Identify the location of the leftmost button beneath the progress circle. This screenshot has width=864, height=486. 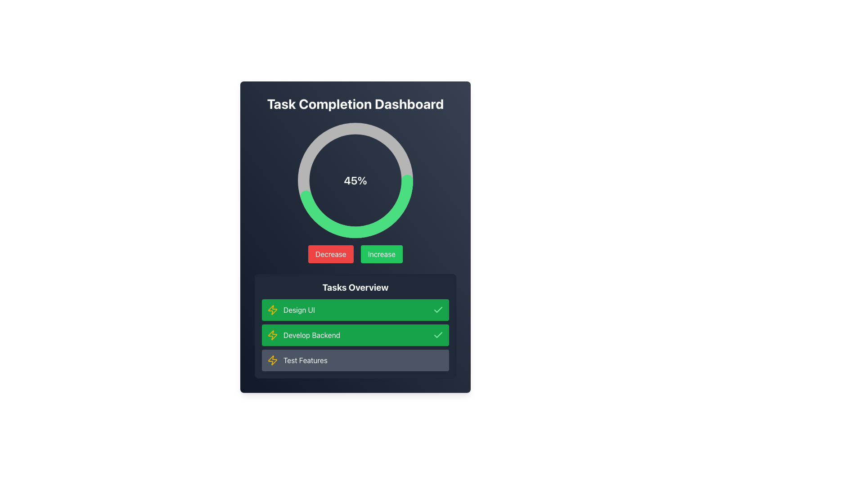
(330, 254).